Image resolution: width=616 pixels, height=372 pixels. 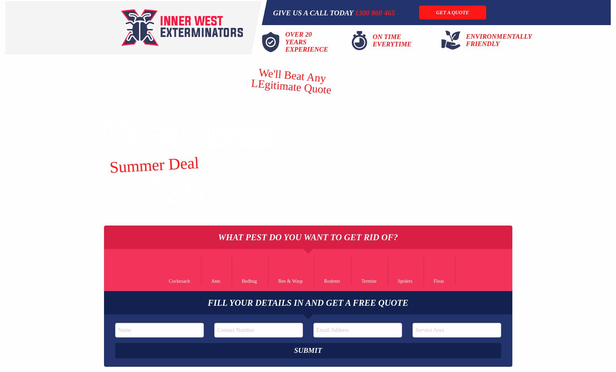 What do you see at coordinates (291, 75) in the screenshot?
I see `'We'll Beat Any'` at bounding box center [291, 75].